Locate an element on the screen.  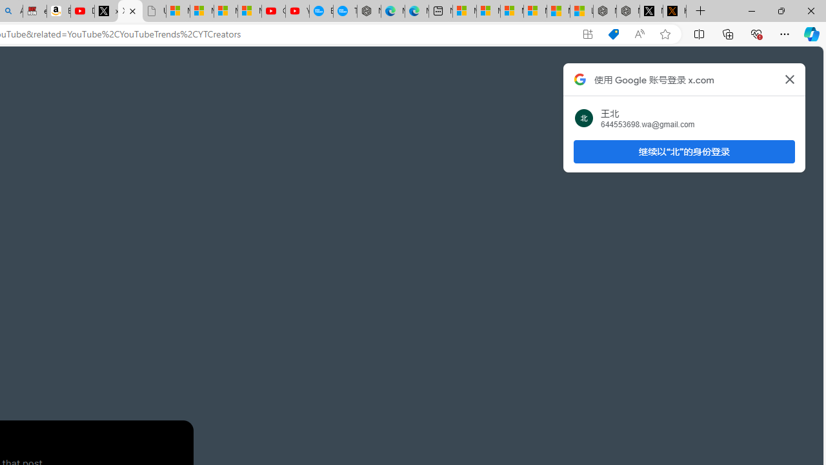
'Class: Bz112c Bz112c-r9oPif' is located at coordinates (789, 79).